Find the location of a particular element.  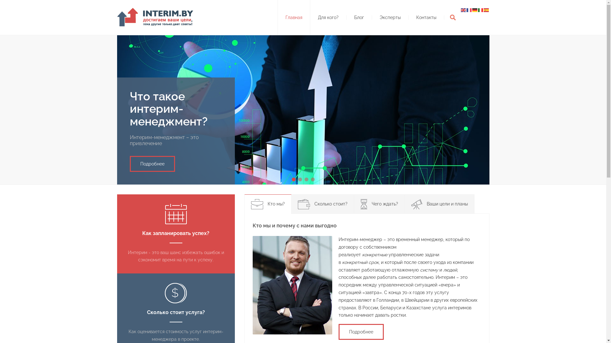

'ico2 image' is located at coordinates (304, 204).